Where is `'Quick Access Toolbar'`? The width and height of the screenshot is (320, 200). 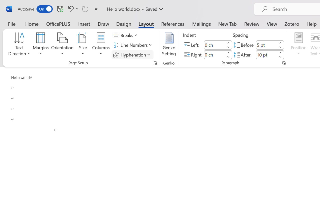 'Quick Access Toolbar' is located at coordinates (58, 9).